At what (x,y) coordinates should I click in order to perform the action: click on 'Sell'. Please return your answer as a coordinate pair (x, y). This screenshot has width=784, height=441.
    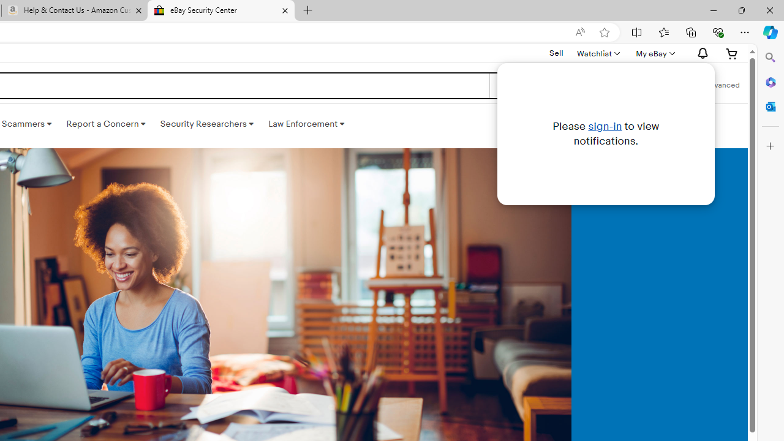
    Looking at the image, I should click on (556, 53).